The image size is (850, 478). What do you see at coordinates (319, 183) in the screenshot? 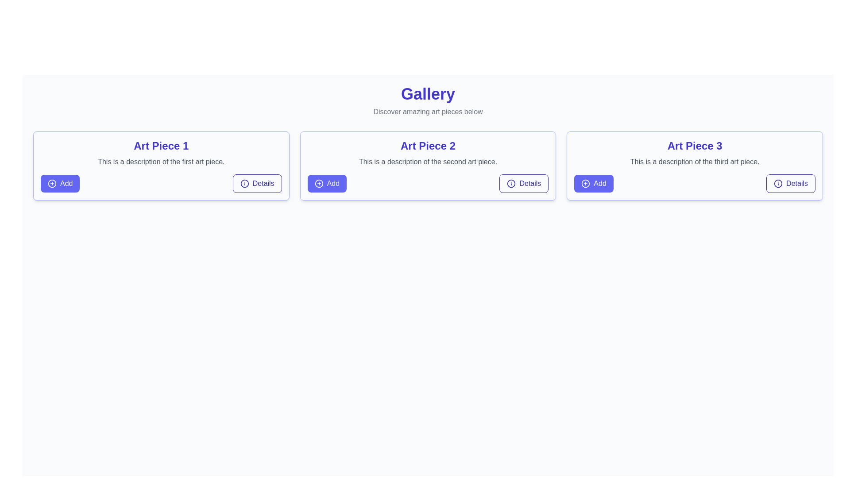
I see `the circular icon with a plus sign, which is part of the 'Add' button located in the second card titled 'Art Piece 2'` at bounding box center [319, 183].